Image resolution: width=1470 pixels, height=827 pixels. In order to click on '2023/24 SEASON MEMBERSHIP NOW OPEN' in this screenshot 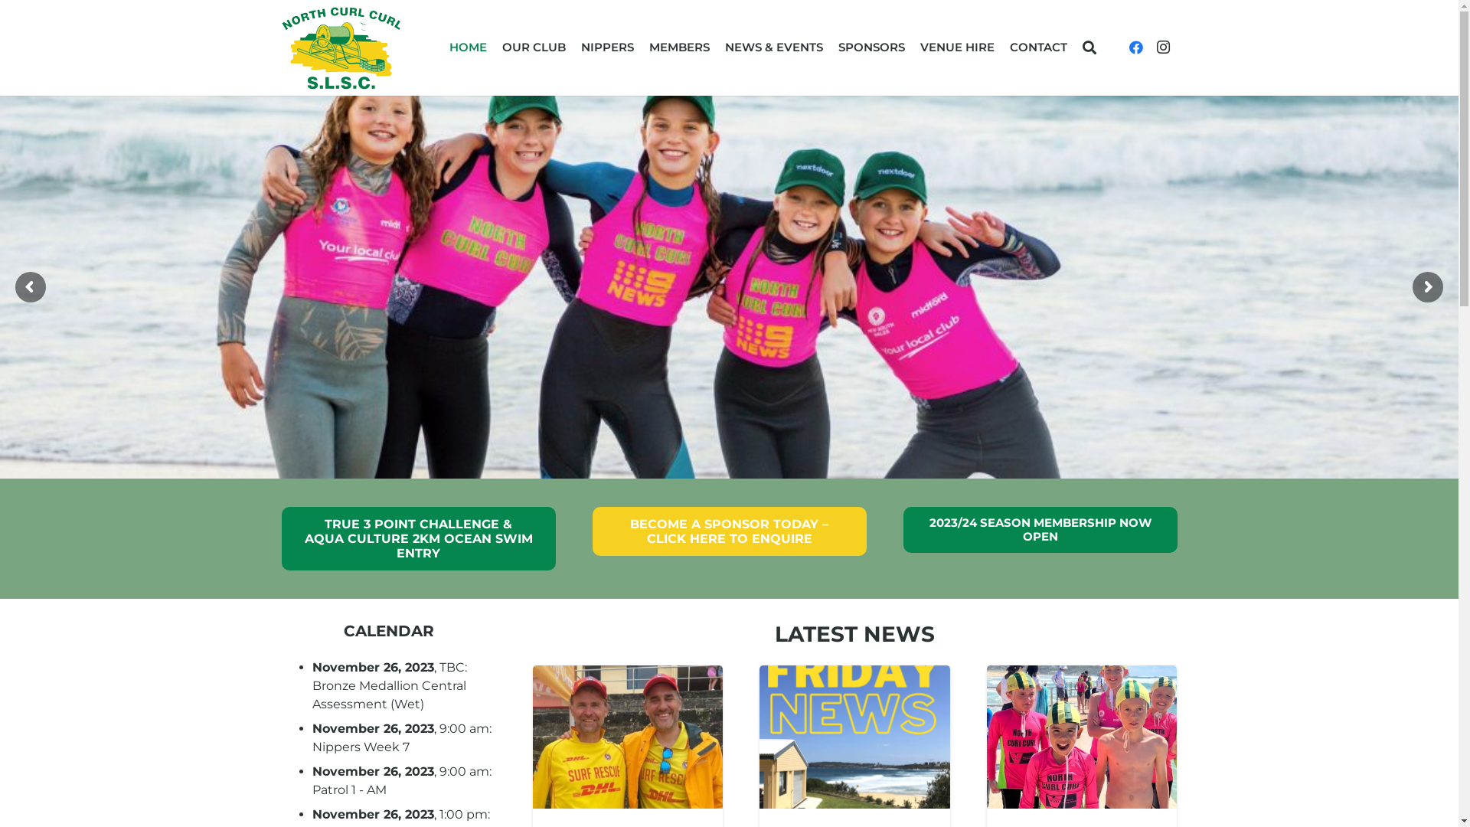, I will do `click(1040, 528)`.